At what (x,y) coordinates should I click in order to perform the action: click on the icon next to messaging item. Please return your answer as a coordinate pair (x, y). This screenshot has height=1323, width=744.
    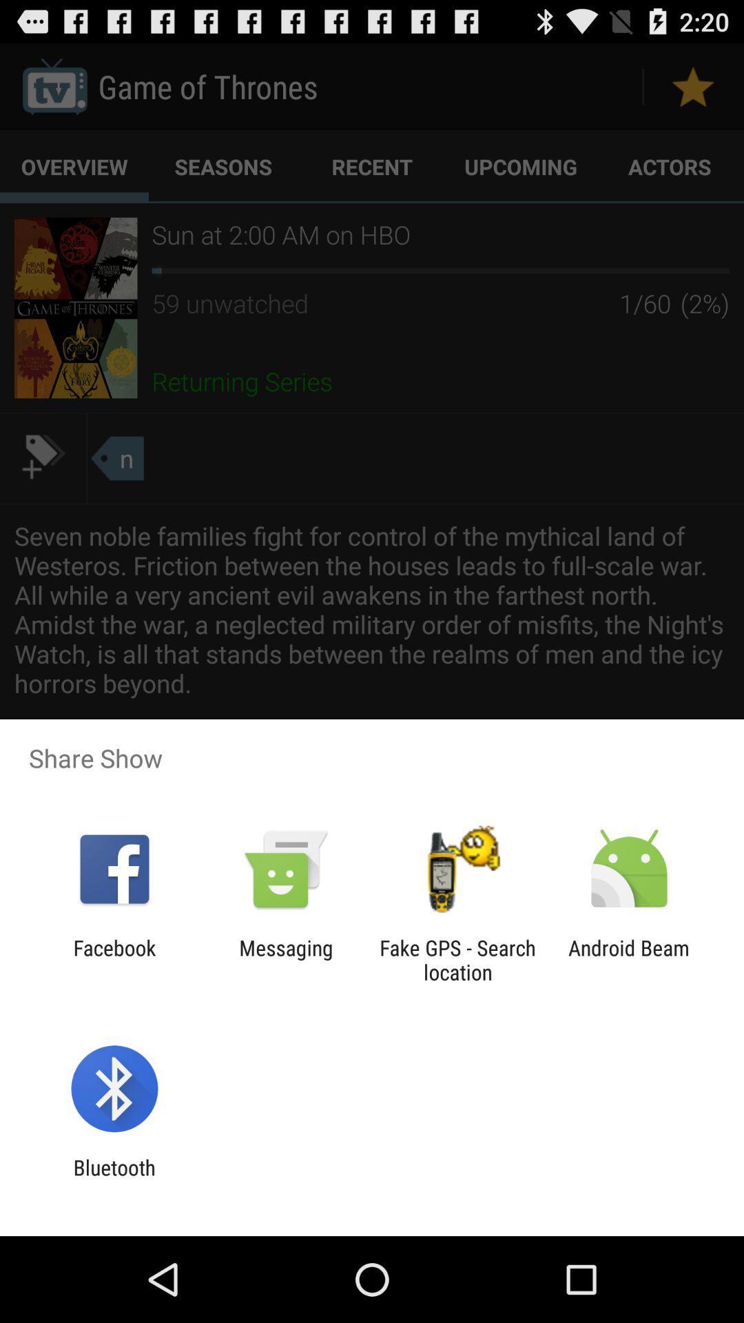
    Looking at the image, I should click on (114, 959).